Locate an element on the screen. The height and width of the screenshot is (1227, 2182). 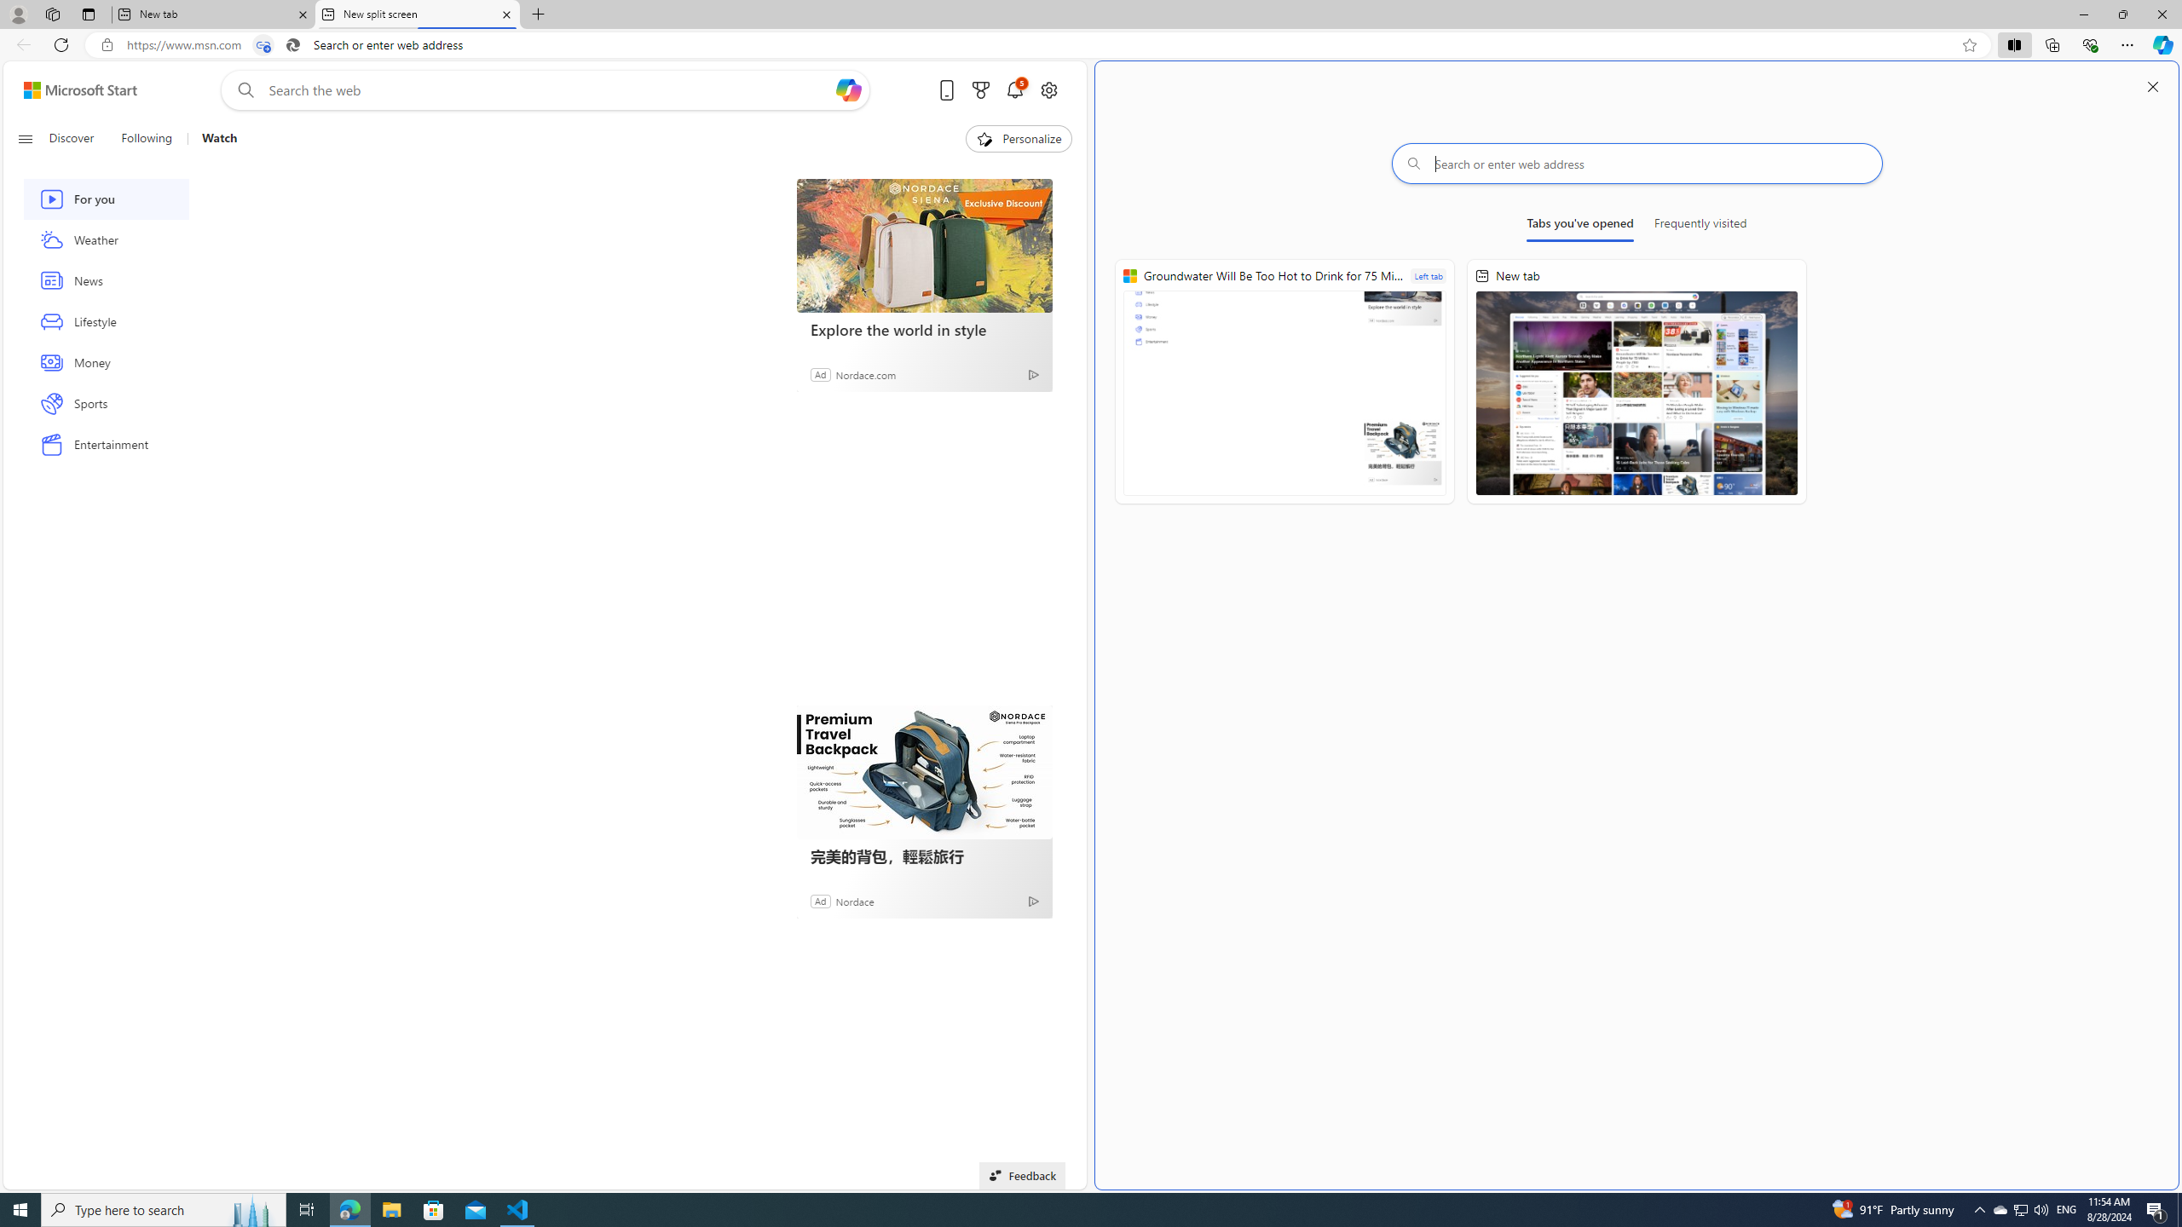
'Tabs in split screen' is located at coordinates (263, 45).